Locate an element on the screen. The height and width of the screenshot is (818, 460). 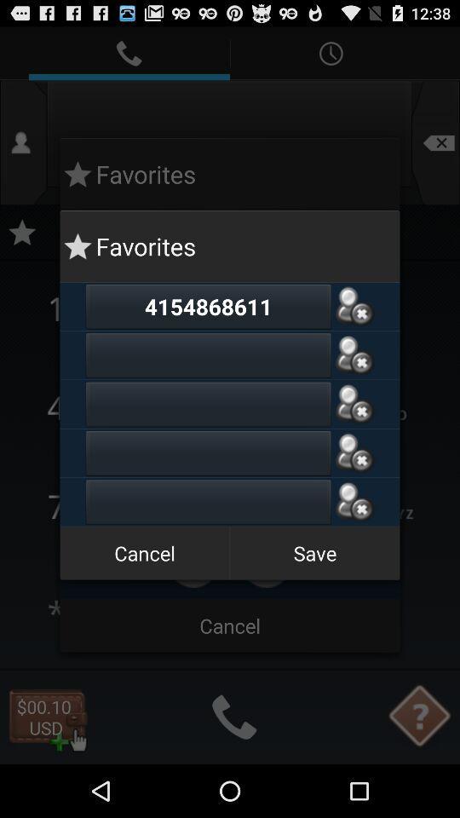
contact to favorites is located at coordinates (354, 404).